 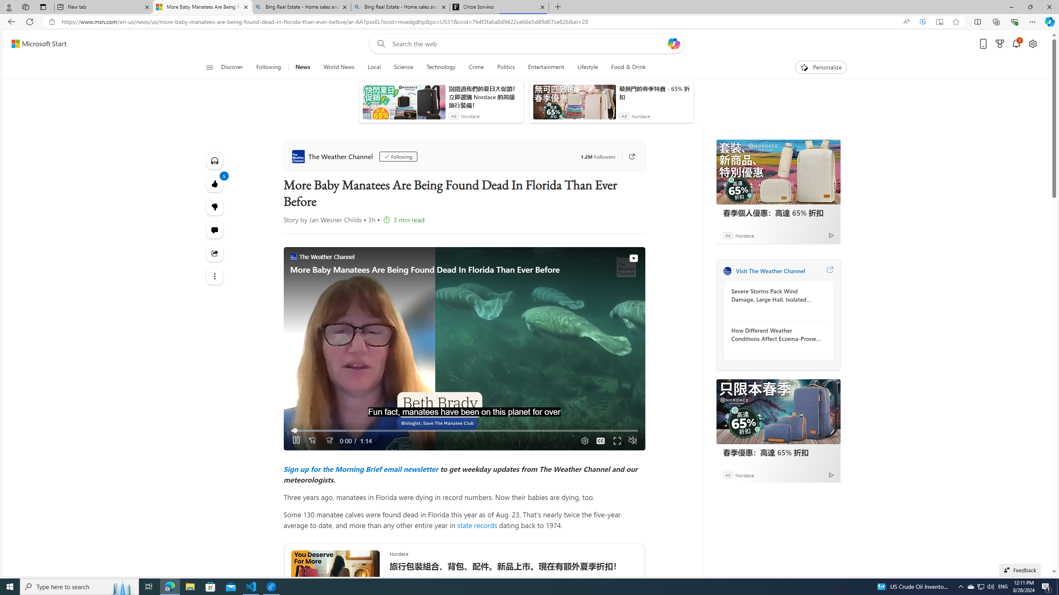 What do you see at coordinates (374, 67) in the screenshot?
I see `'Local'` at bounding box center [374, 67].